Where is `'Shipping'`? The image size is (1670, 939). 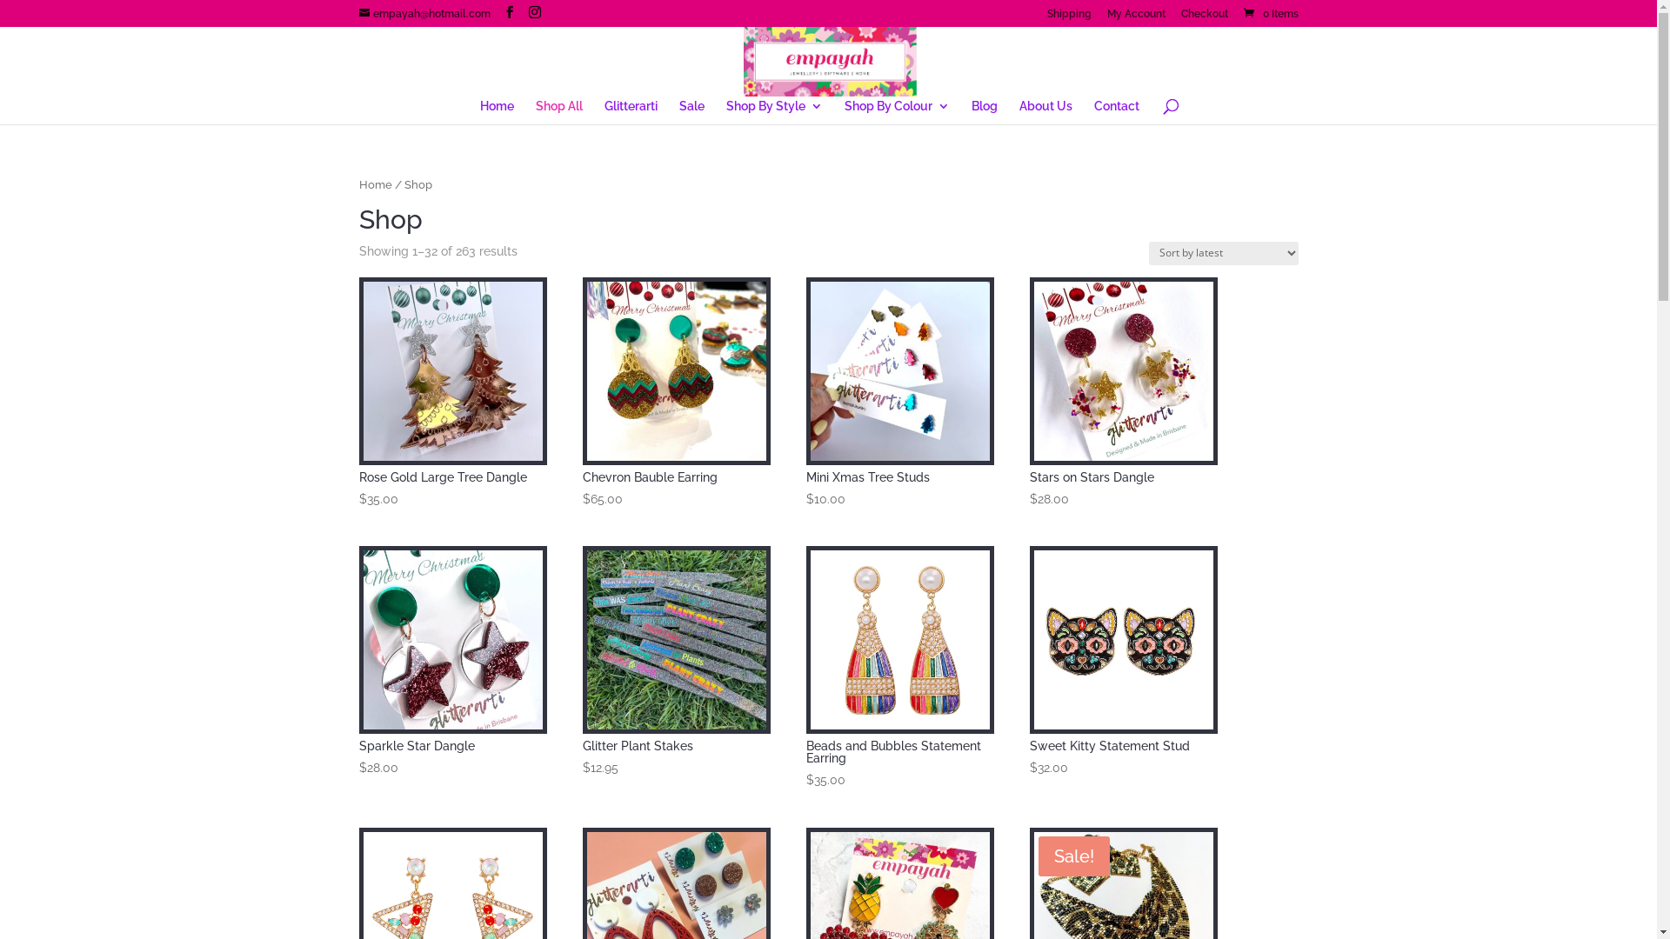 'Shipping' is located at coordinates (1068, 17).